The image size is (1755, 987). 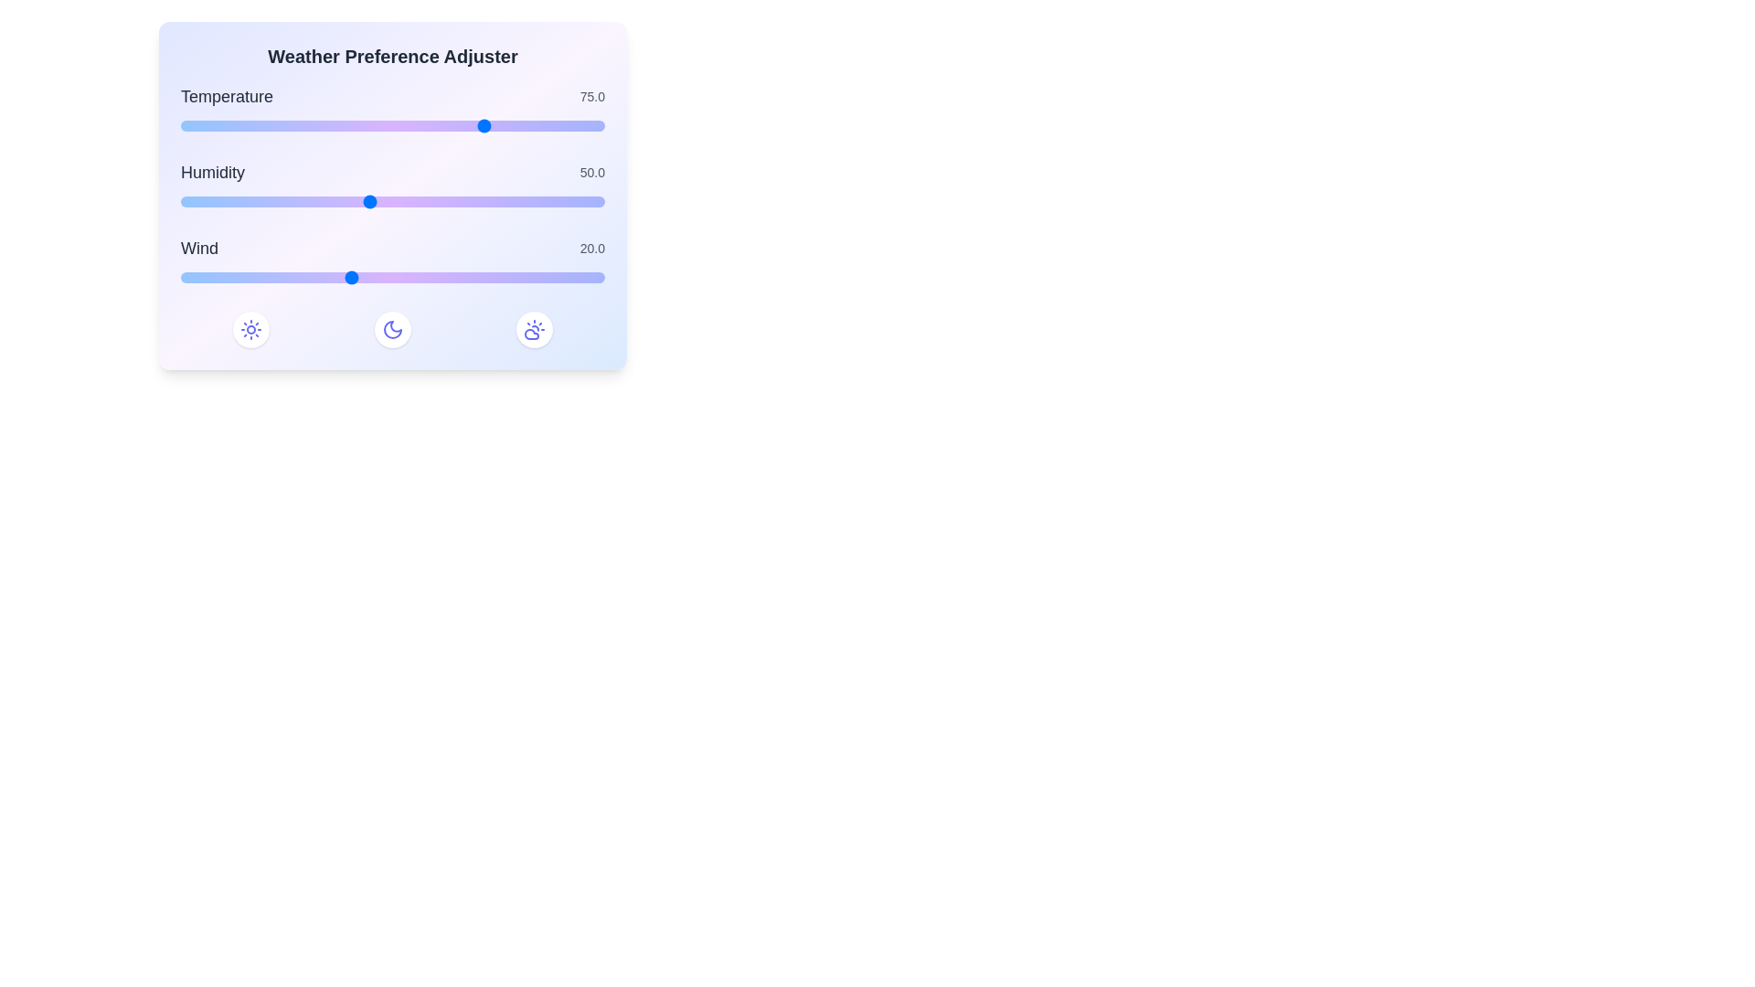 What do you see at coordinates (355, 125) in the screenshot?
I see `the temperature` at bounding box center [355, 125].